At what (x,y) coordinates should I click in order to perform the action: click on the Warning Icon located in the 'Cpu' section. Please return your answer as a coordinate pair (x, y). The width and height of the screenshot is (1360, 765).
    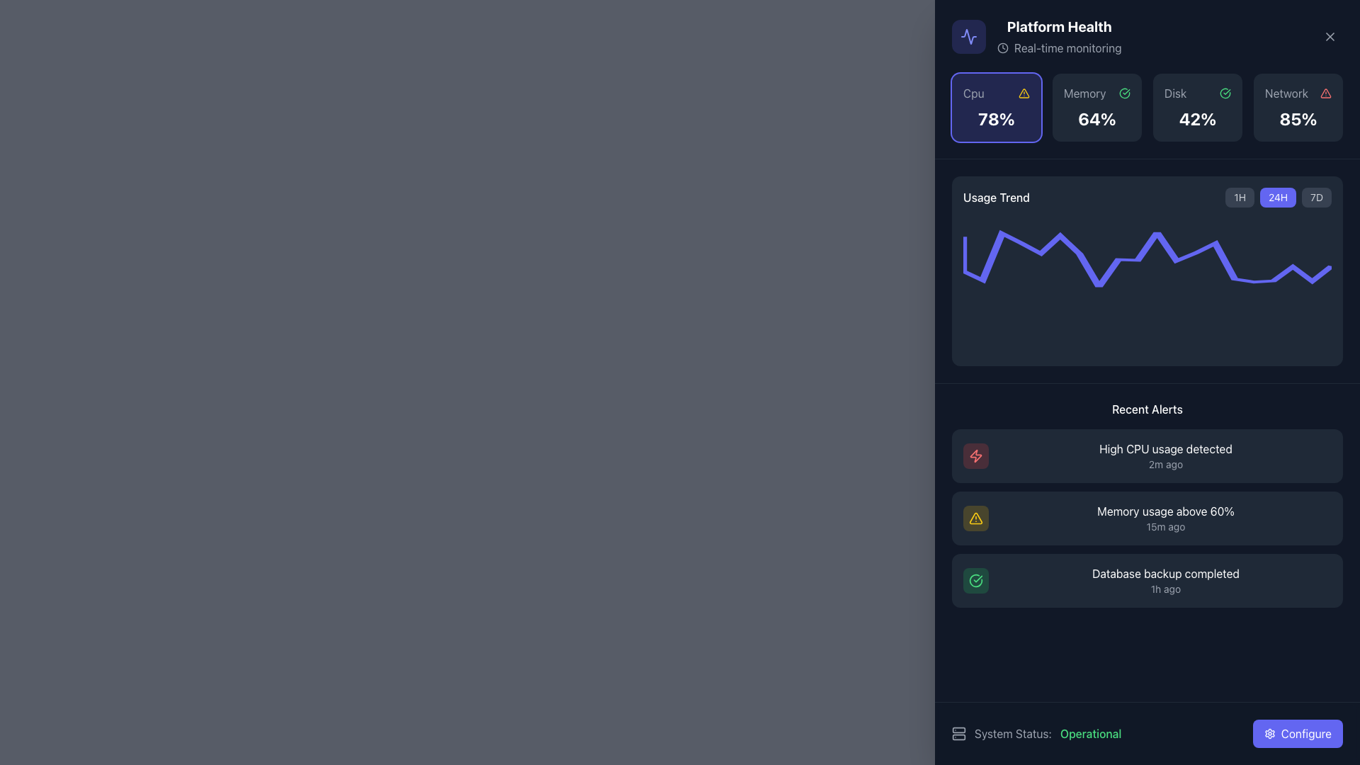
    Looking at the image, I should click on (1024, 93).